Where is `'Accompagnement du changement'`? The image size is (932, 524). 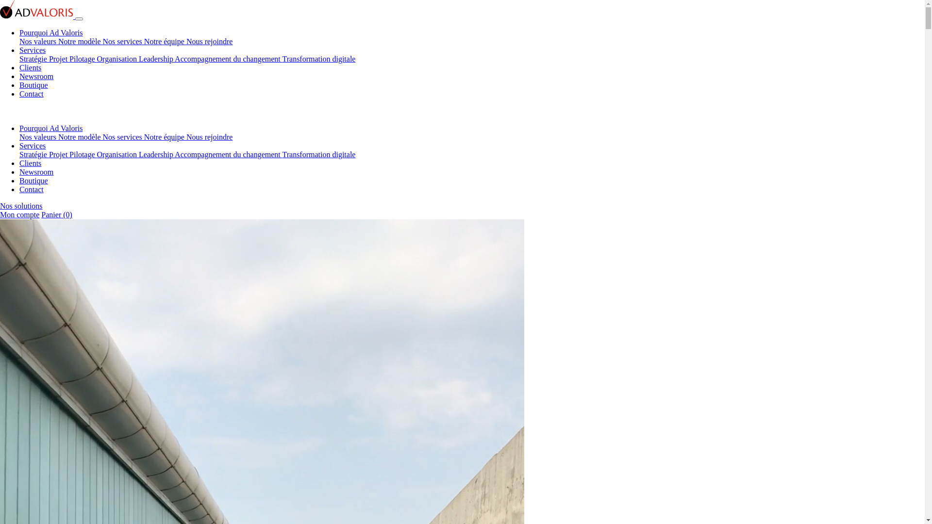 'Accompagnement du changement' is located at coordinates (228, 59).